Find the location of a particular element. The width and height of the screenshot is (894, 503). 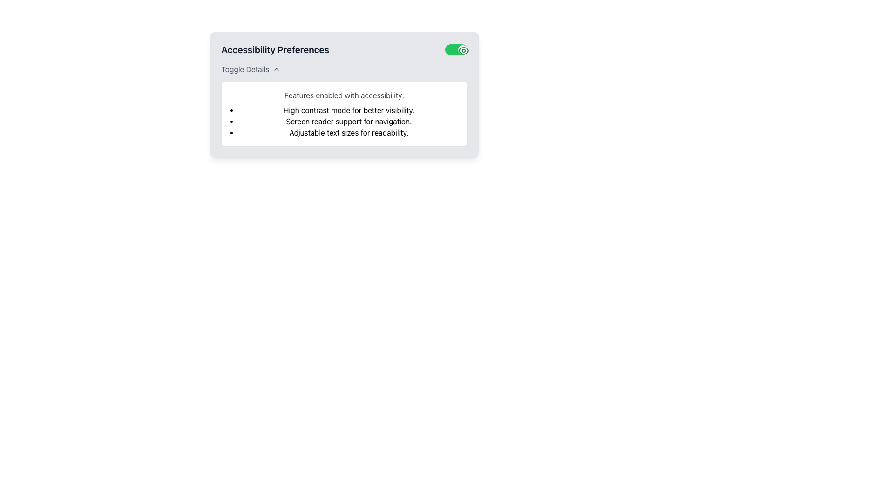

the third bullet-point list item that states 'Adjustable text sizes for readability' in the 'Accessibility Preferences' panel is located at coordinates (348, 133).